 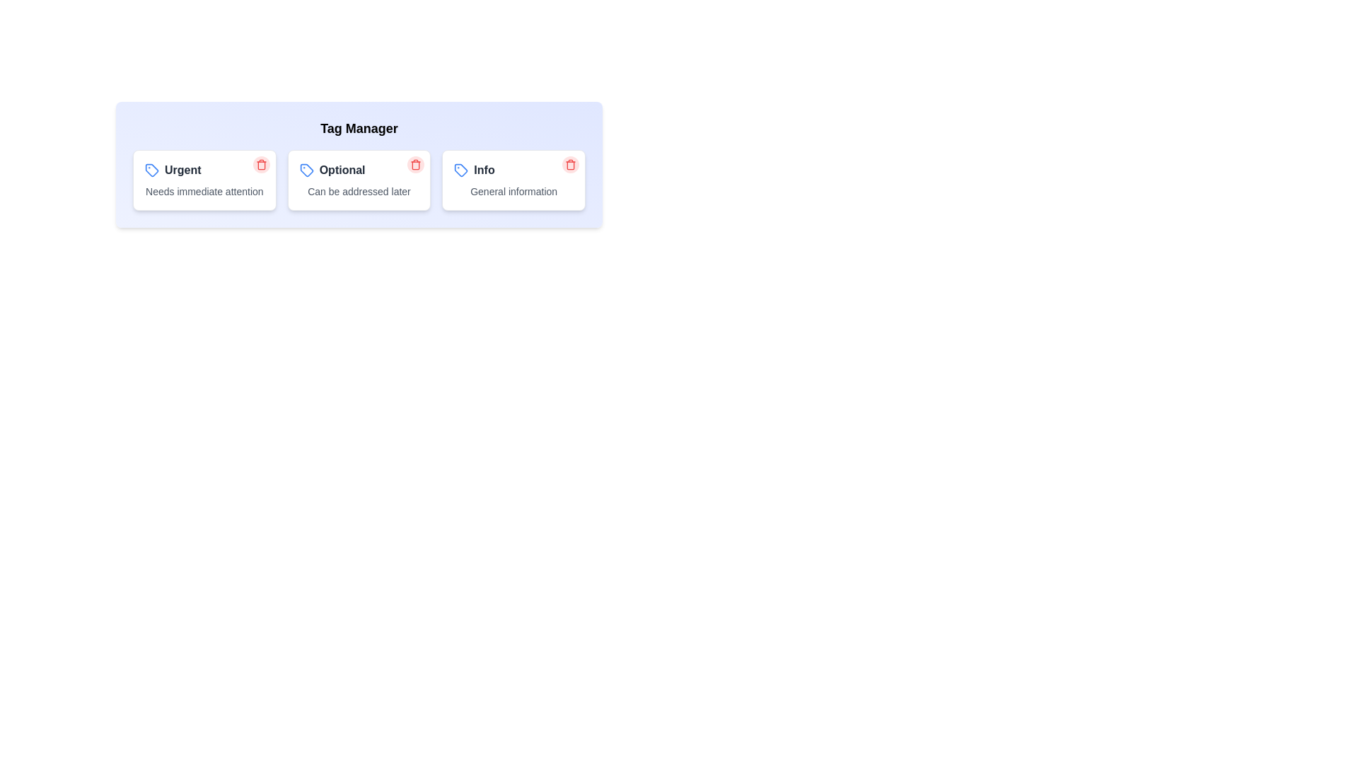 What do you see at coordinates (570, 163) in the screenshot?
I see `the trash icon of the tag labeled Info to delete it` at bounding box center [570, 163].